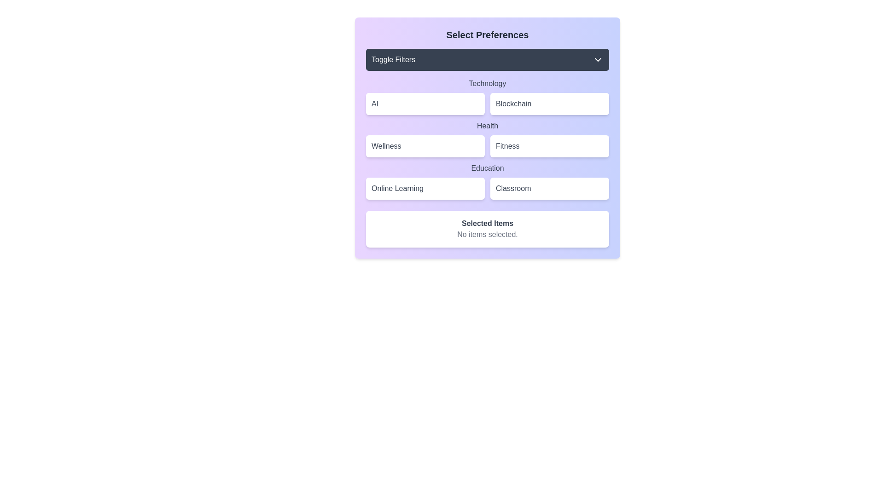  What do you see at coordinates (487, 60) in the screenshot?
I see `the 'Toggle Filters' button, which is a dark gray rectangular area with rounded corners, located below the 'Select Preferences' title` at bounding box center [487, 60].